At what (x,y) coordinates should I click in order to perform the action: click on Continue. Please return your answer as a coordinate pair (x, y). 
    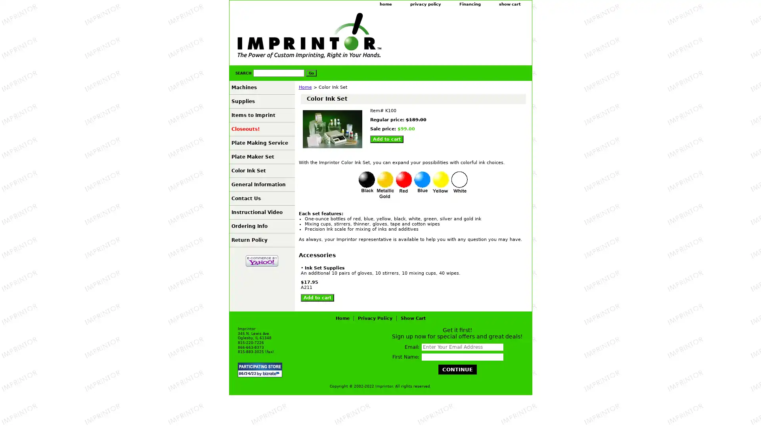
    Looking at the image, I should click on (457, 369).